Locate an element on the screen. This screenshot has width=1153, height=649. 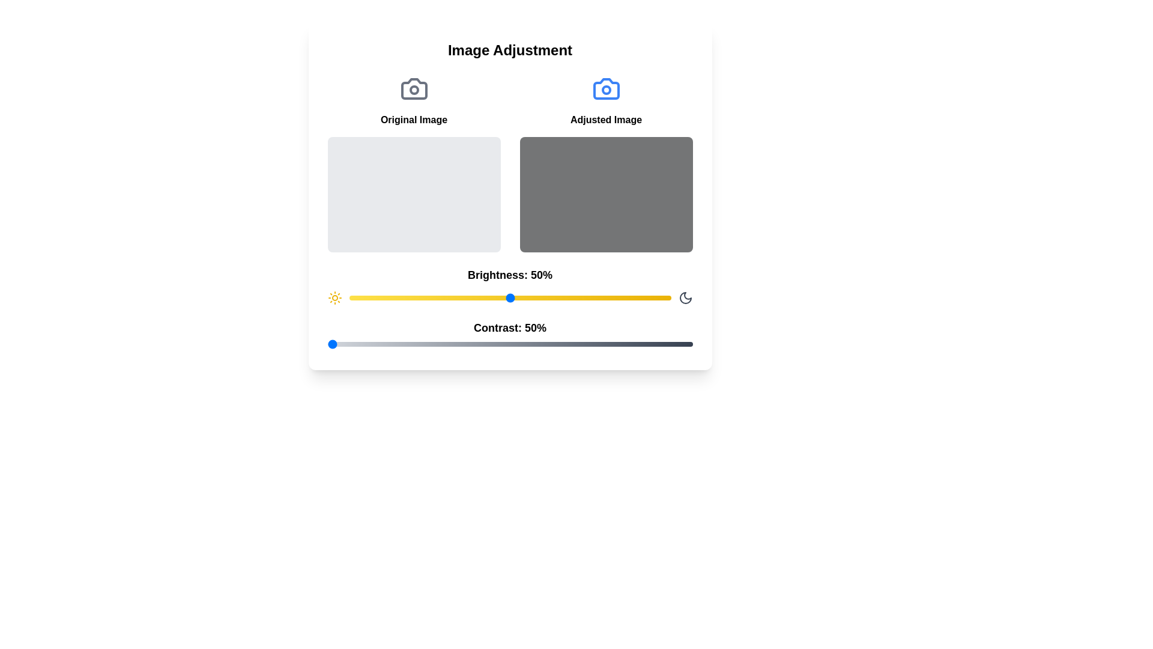
brightness is located at coordinates (464, 297).